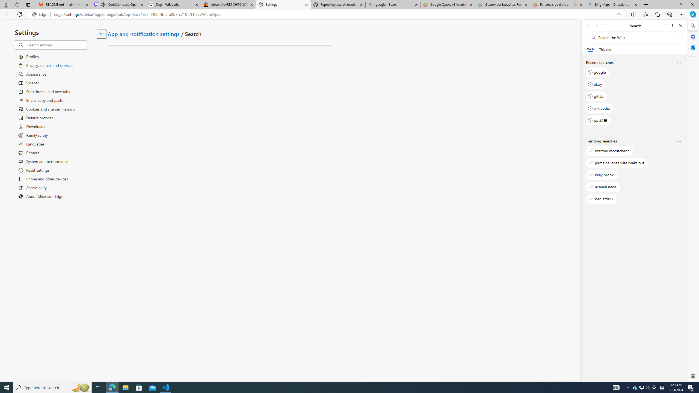 The image size is (699, 393). What do you see at coordinates (597, 72) in the screenshot?
I see `'google'` at bounding box center [597, 72].